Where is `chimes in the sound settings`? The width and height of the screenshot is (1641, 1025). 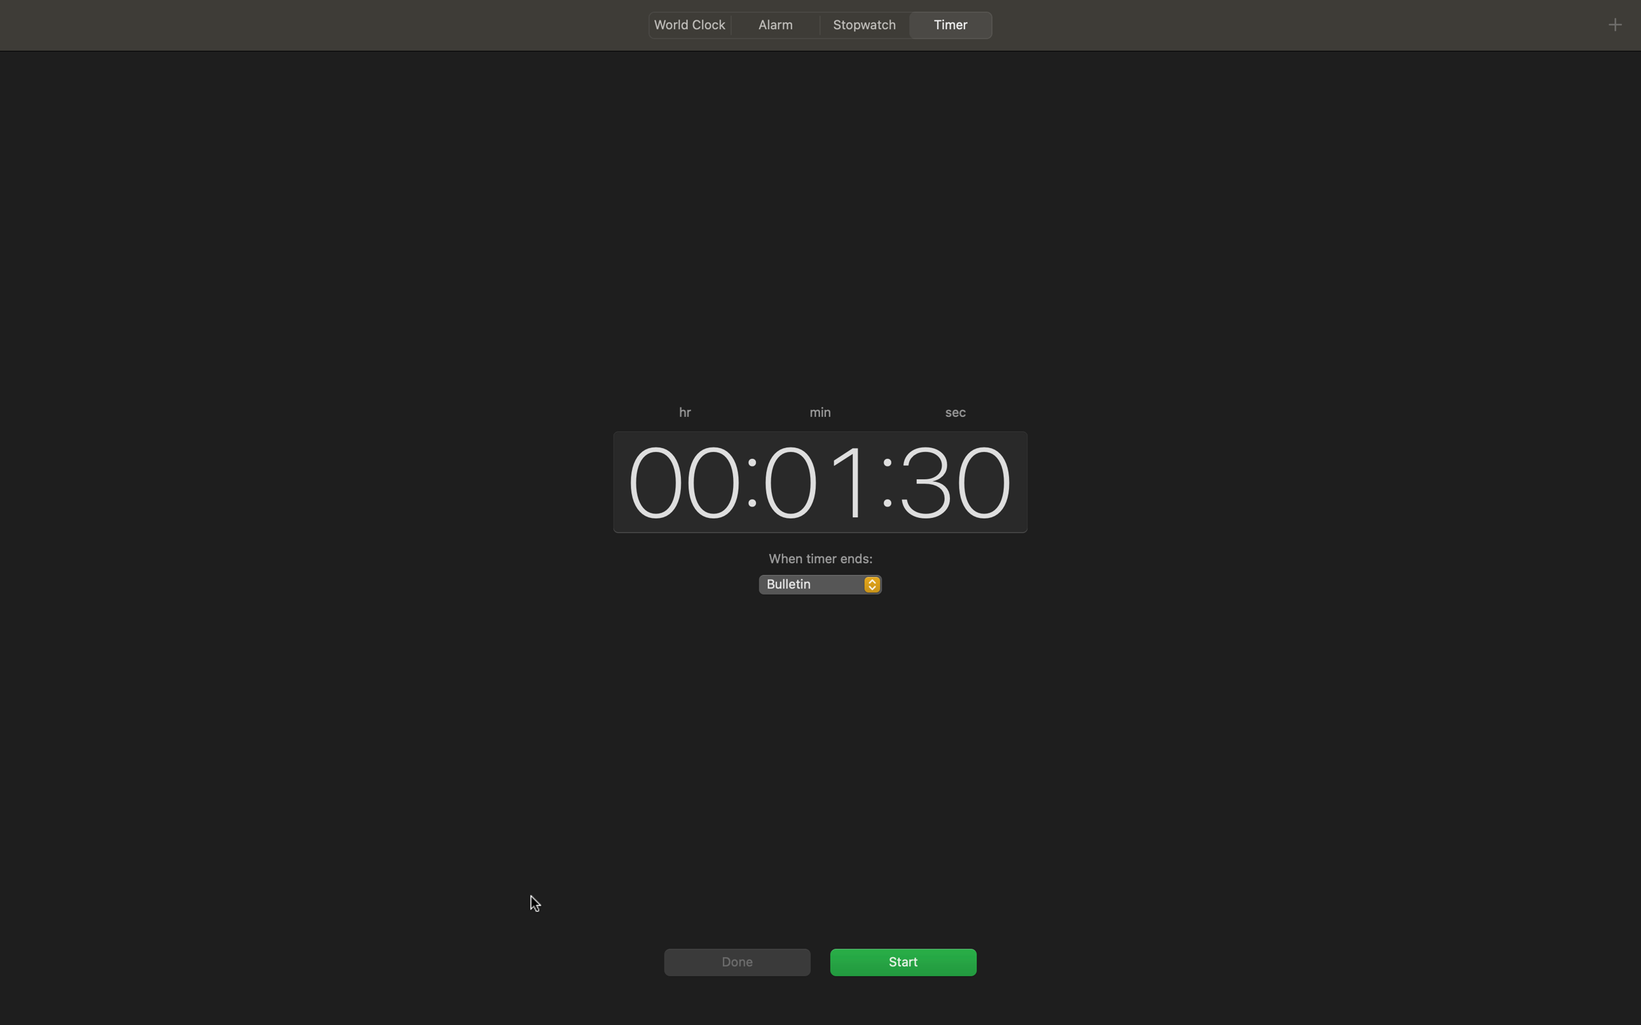
chimes in the sound settings is located at coordinates (818, 583).